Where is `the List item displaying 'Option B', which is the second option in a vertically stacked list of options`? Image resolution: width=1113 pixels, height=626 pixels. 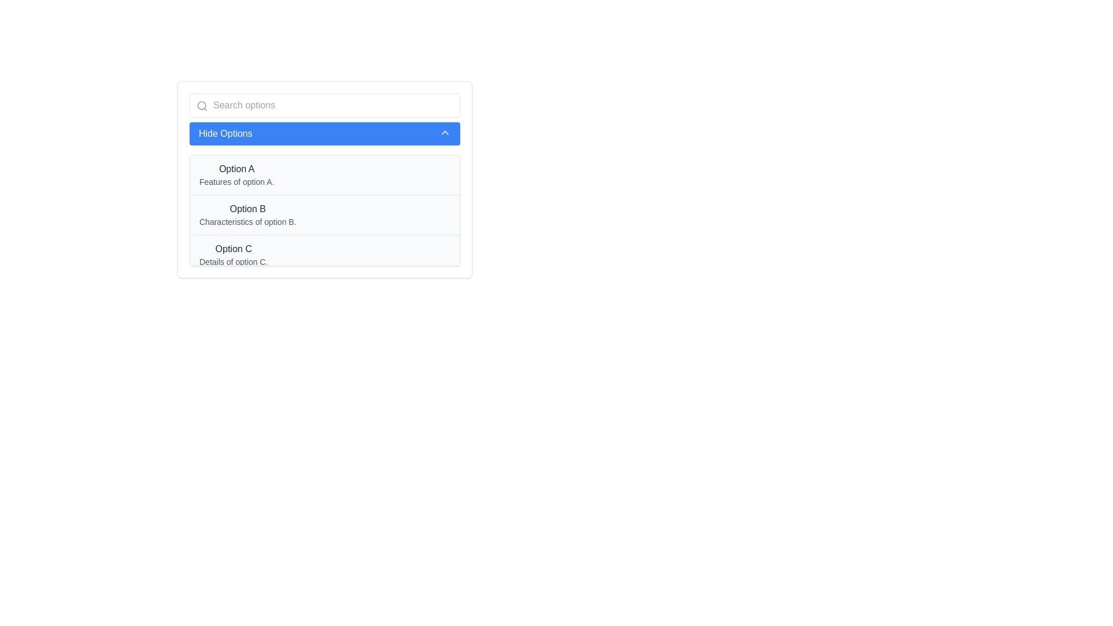
the List item displaying 'Option B', which is the second option in a vertically stacked list of options is located at coordinates (325, 214).